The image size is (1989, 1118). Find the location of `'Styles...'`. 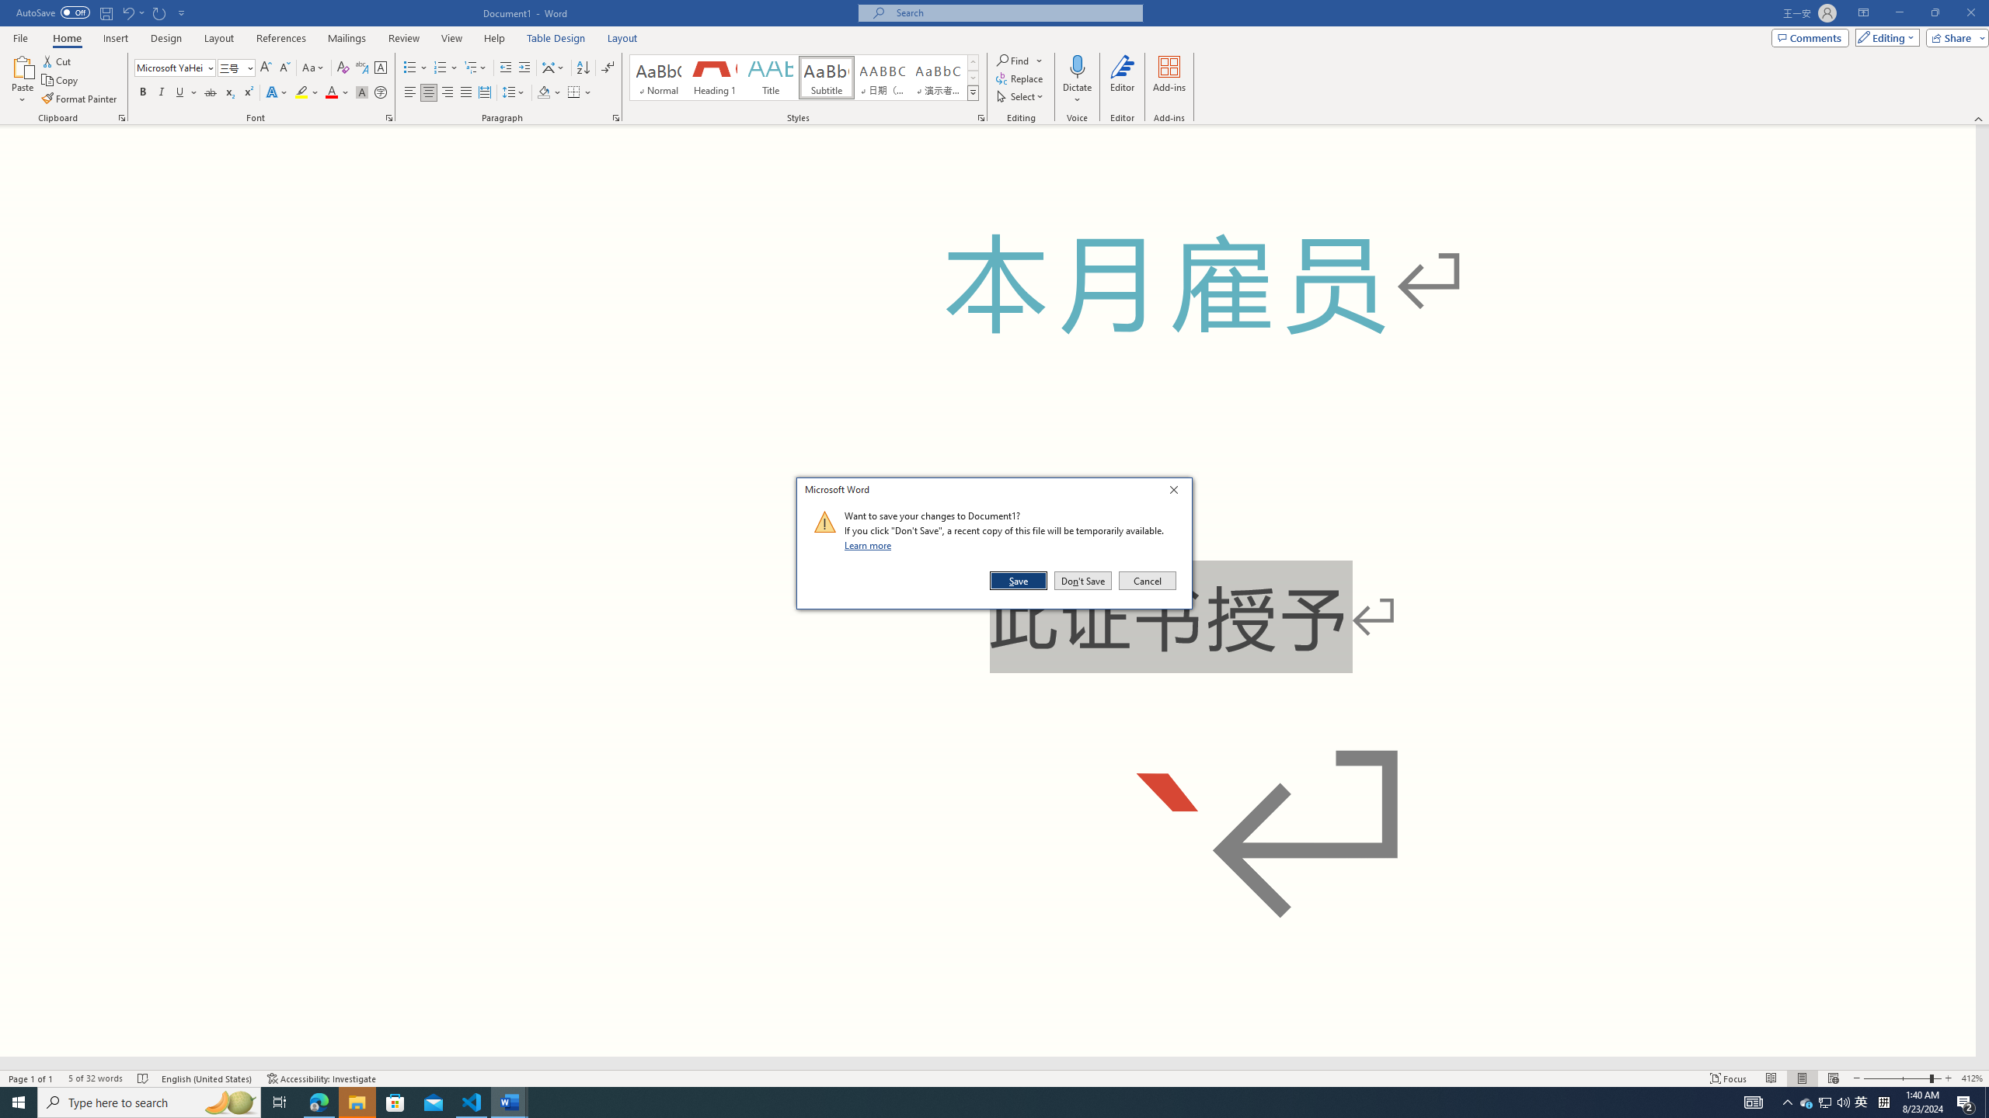

'Styles...' is located at coordinates (980, 116).